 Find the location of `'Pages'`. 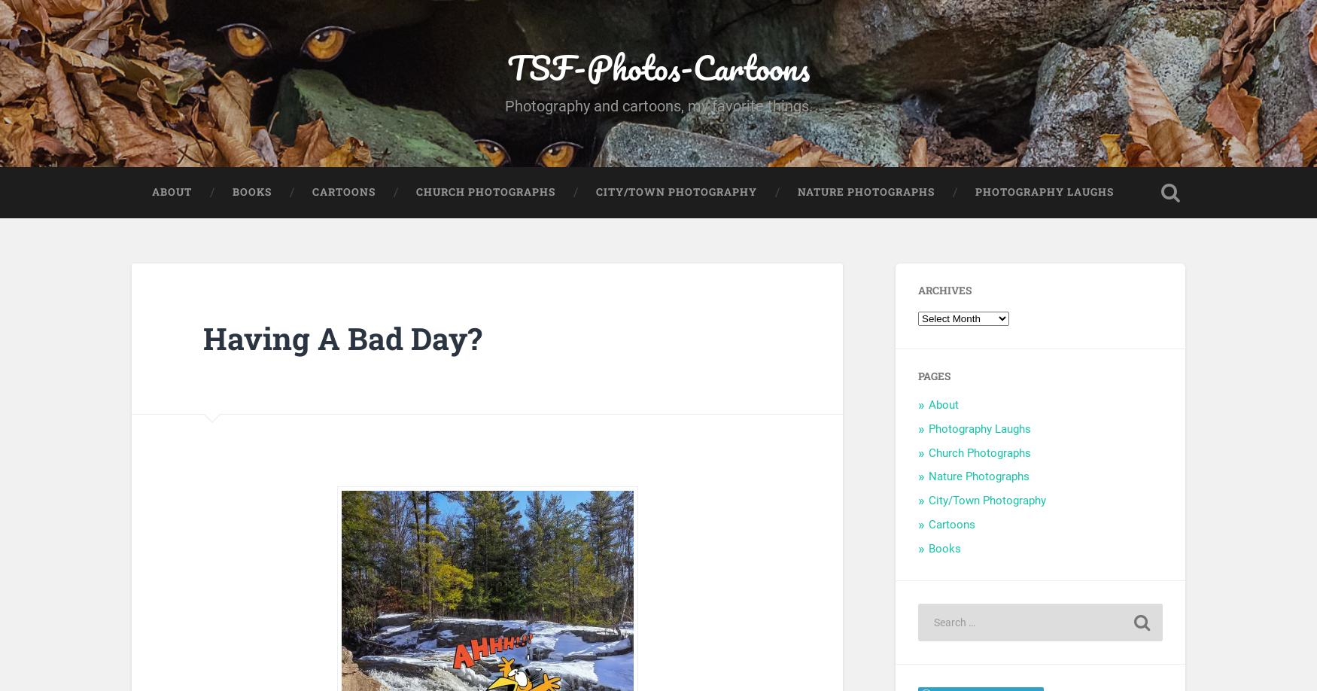

'Pages' is located at coordinates (917, 376).